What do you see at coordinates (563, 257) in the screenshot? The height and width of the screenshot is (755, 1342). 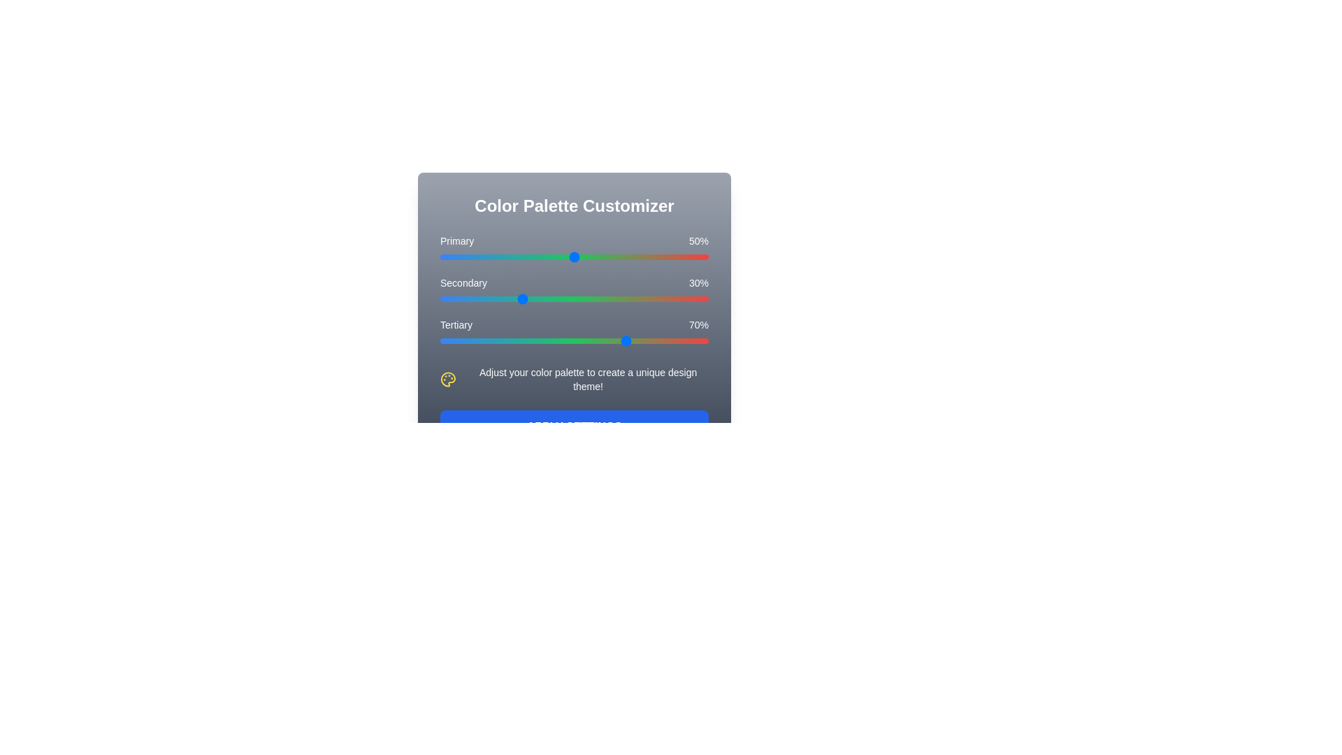 I see `the primary color intensity` at bounding box center [563, 257].